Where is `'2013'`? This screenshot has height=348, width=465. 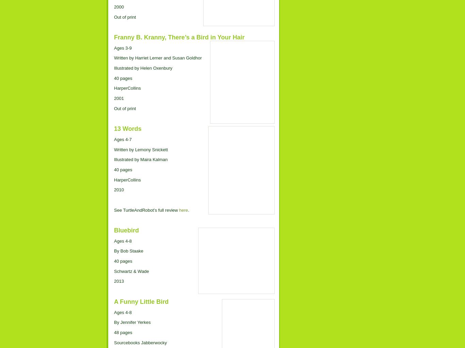 '2013' is located at coordinates (118, 281).